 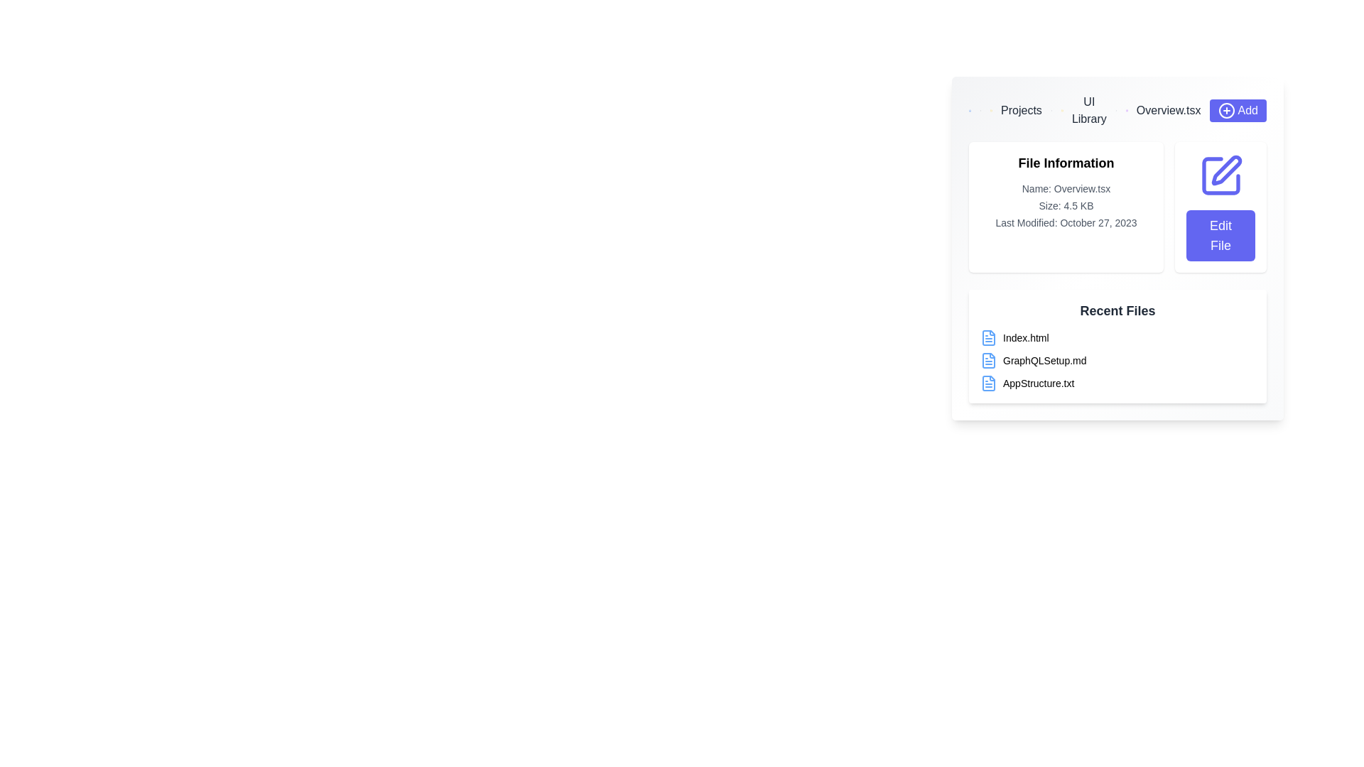 I want to click on the curved pen tip icon located in the top right section of the UI, adjacent to the 'Edit File' button, so click(x=1225, y=169).